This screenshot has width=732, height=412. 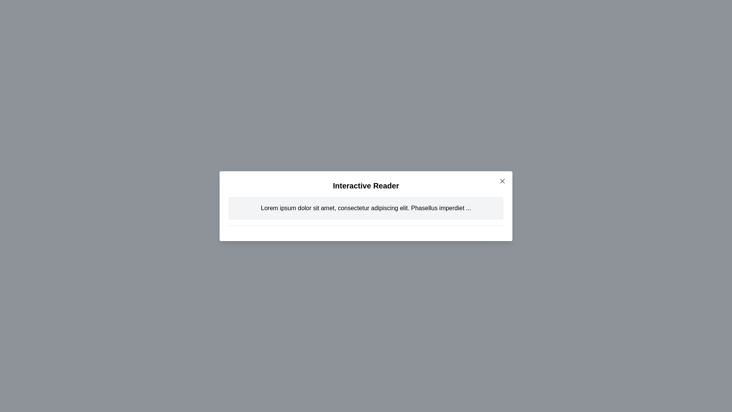 What do you see at coordinates (502, 181) in the screenshot?
I see `the close button at the top-right corner of the modal to close the interactive reader` at bounding box center [502, 181].